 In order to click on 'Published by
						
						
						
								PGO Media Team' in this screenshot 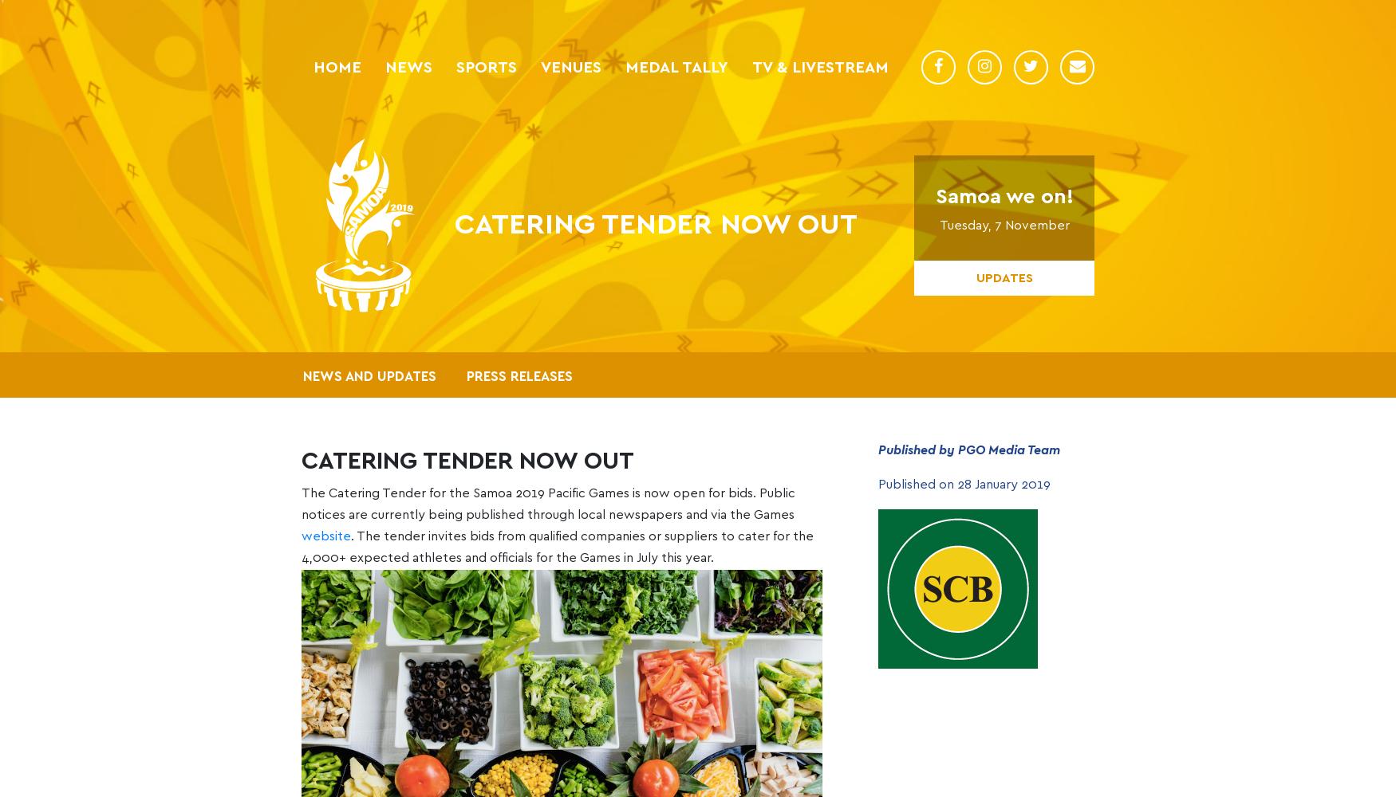, I will do `click(968, 450)`.